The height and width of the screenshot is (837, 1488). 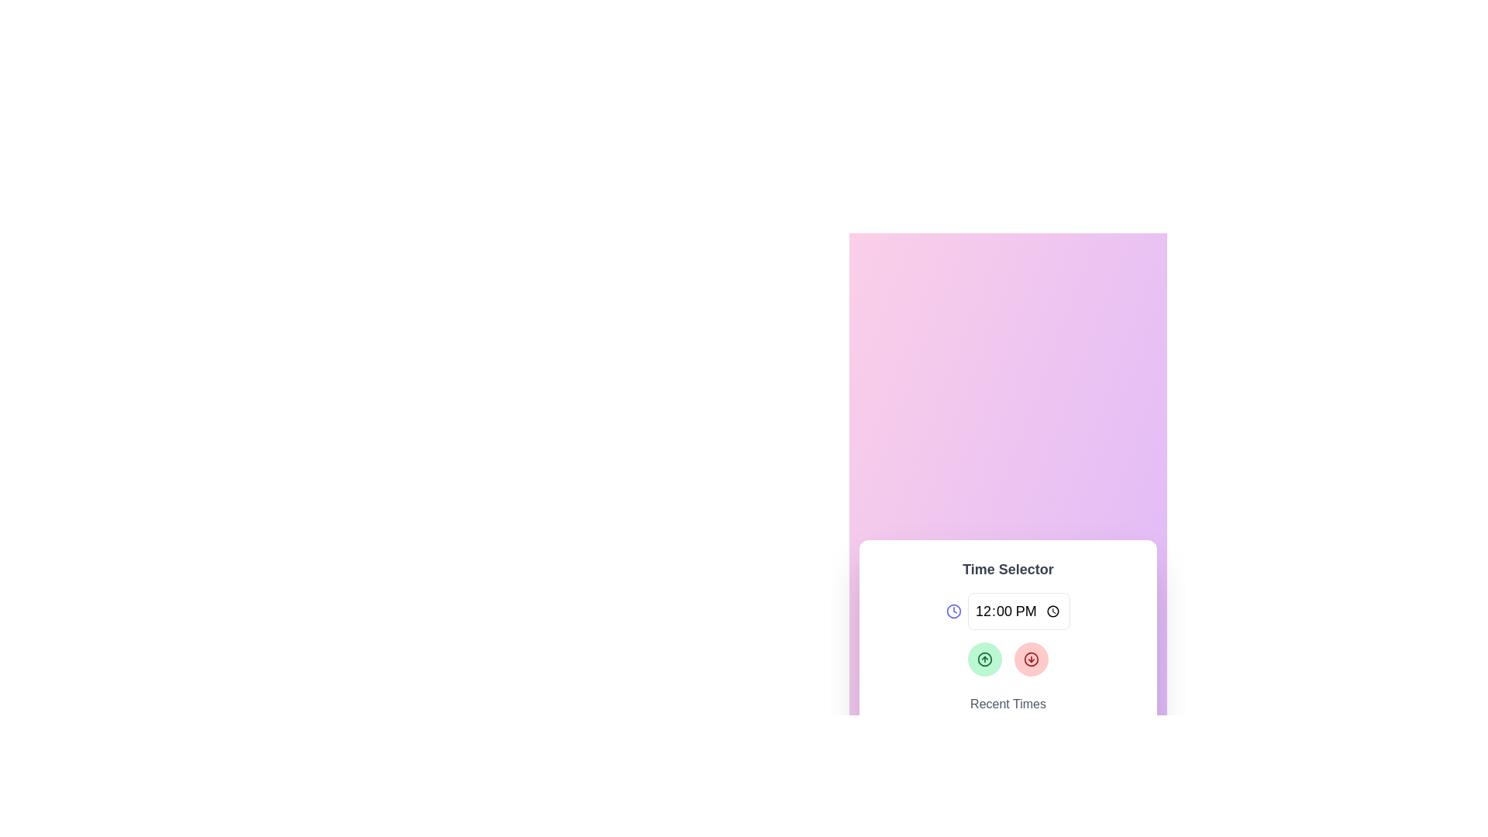 What do you see at coordinates (953, 611) in the screenshot?
I see `the circular graphical component of the clock icon, which has a dark stroke and transparent fill, located to the left of the time display` at bounding box center [953, 611].